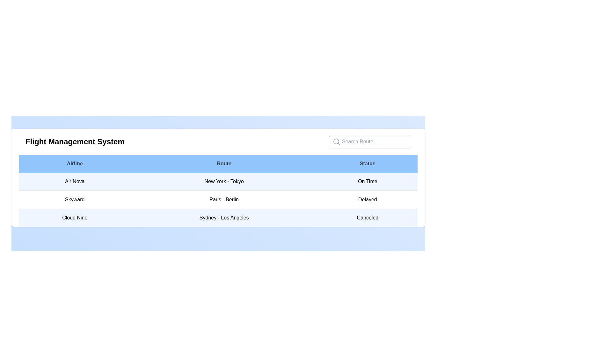 This screenshot has width=612, height=344. What do you see at coordinates (218, 217) in the screenshot?
I see `the third row in the Flight Management System table that contains details about the flight record for Cloud Nine from Sydney to Los Angeles, which is currently marked as Canceled` at bounding box center [218, 217].